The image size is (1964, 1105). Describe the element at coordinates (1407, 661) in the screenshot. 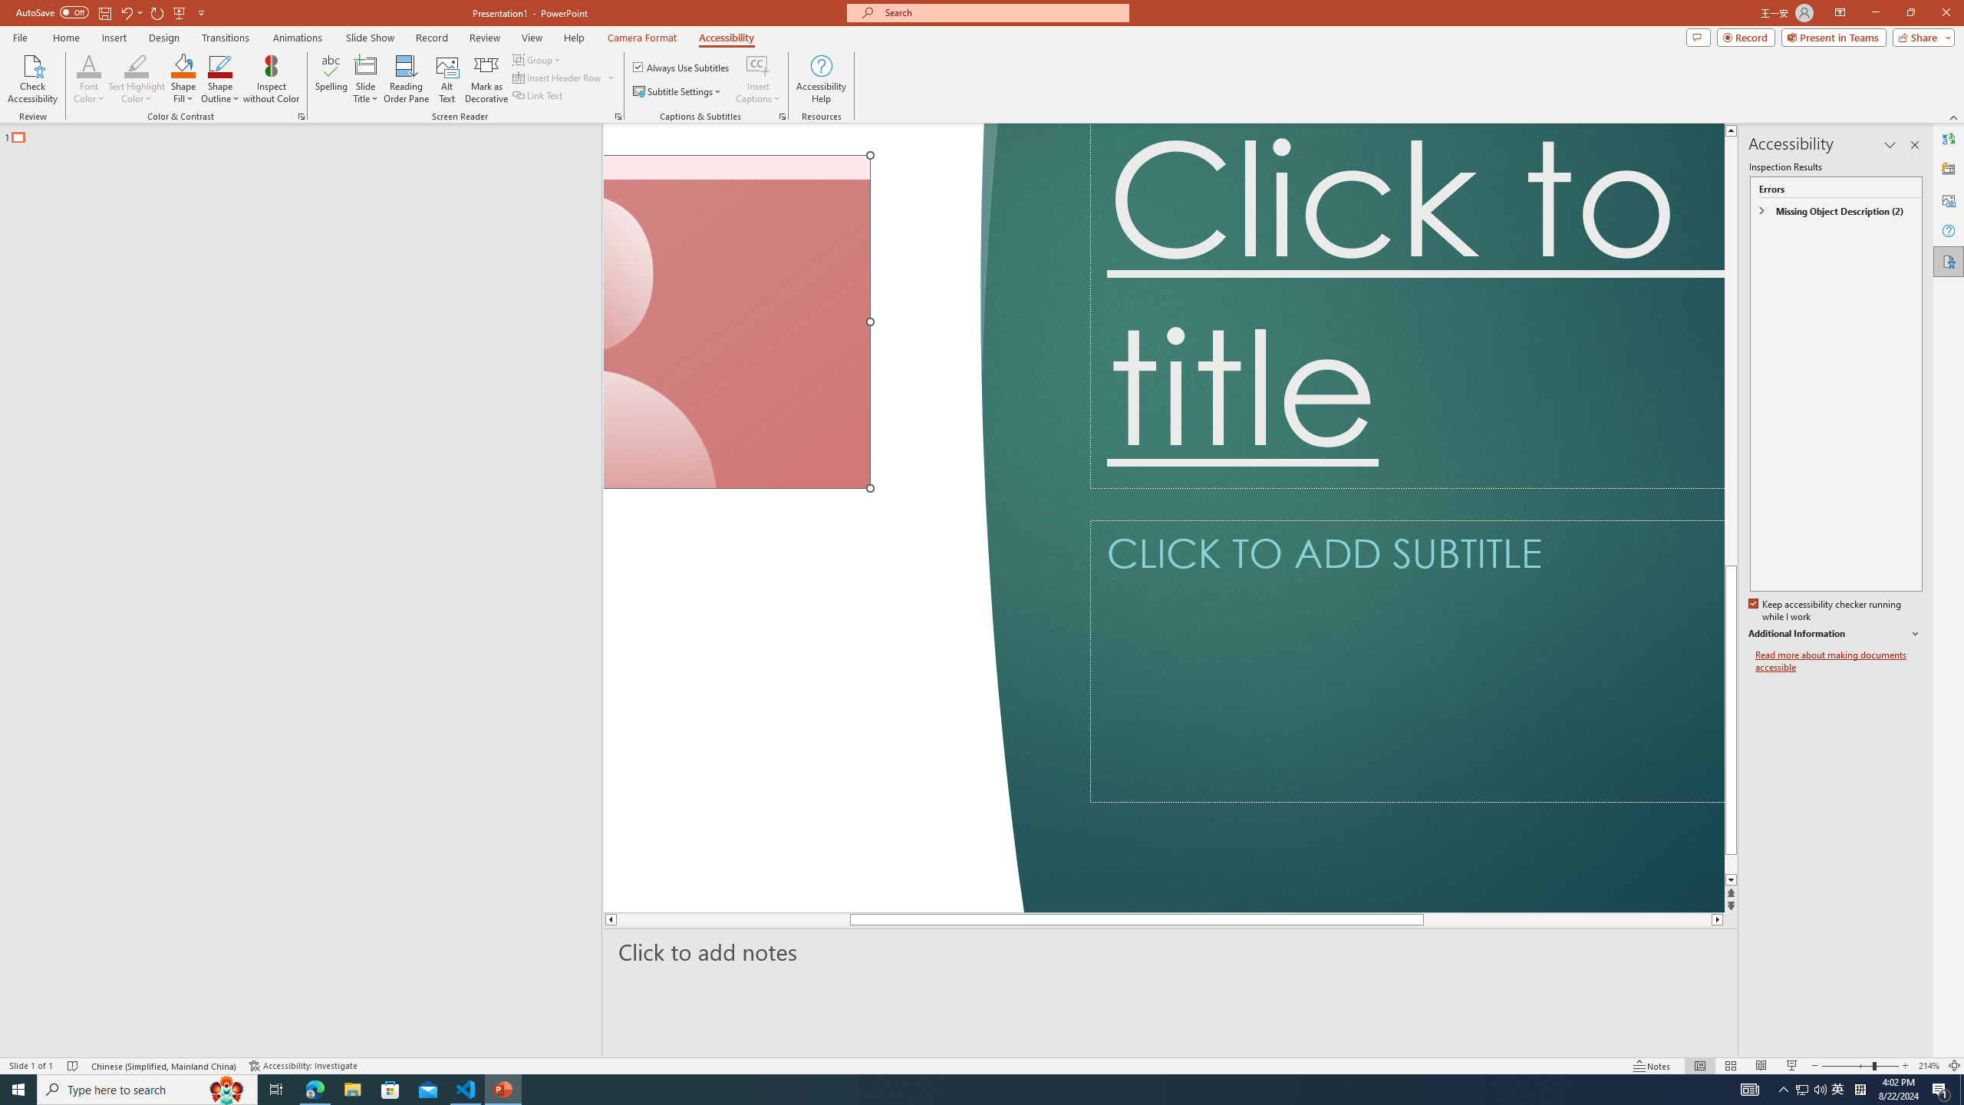

I see `'Subtitle TextBox'` at that location.